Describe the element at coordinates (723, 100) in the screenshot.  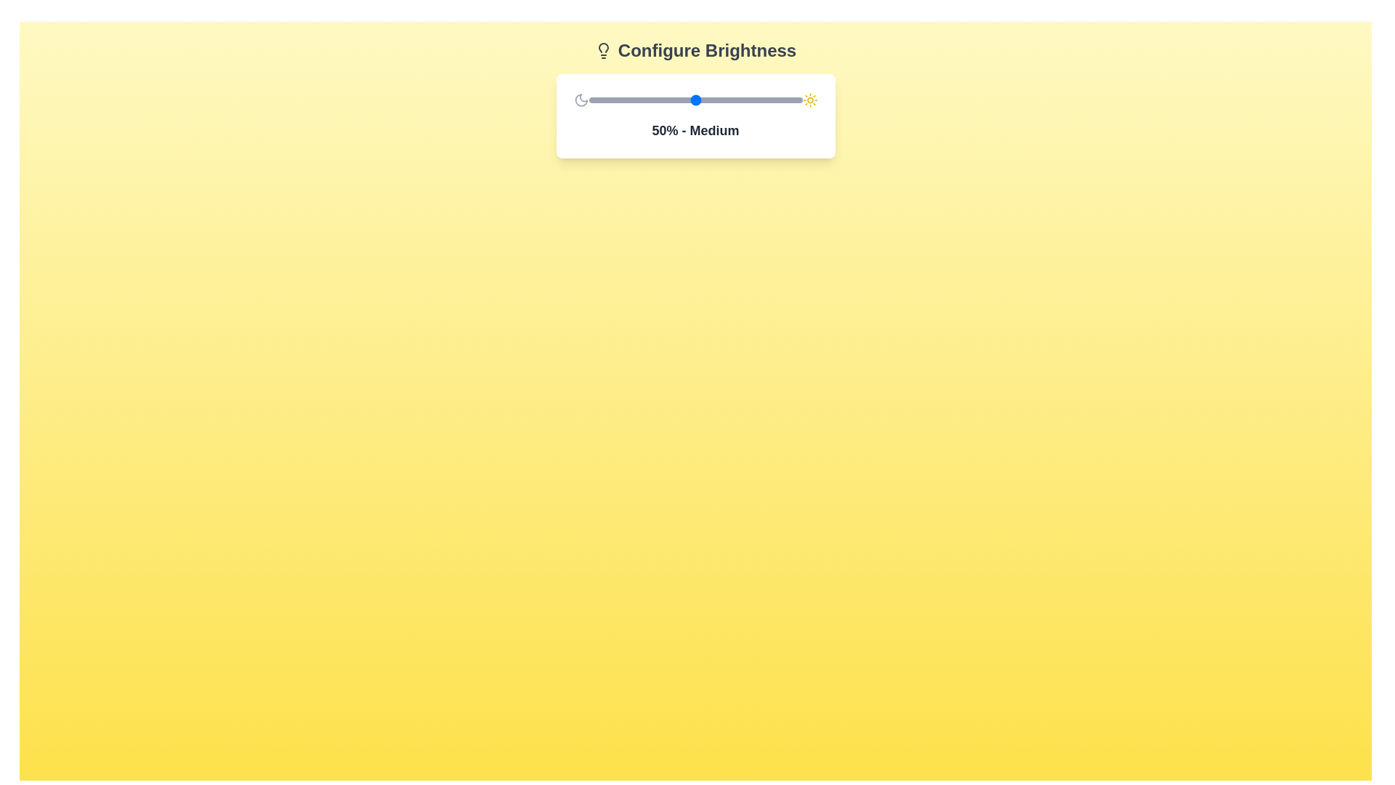
I see `the brightness slider to 63%` at that location.